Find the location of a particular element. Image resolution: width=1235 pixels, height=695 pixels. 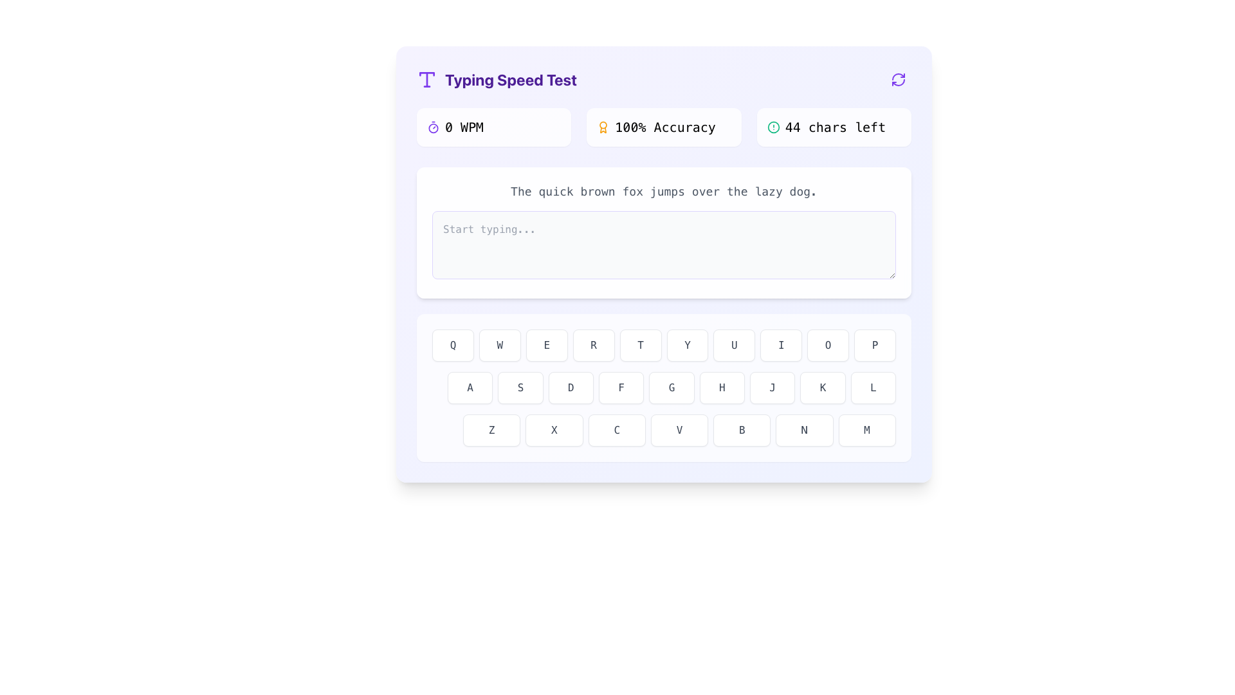

the 'G' key button, which is a rounded rectangle with a white background and a light gray border, to simulate typing 'G' is located at coordinates (671, 387).